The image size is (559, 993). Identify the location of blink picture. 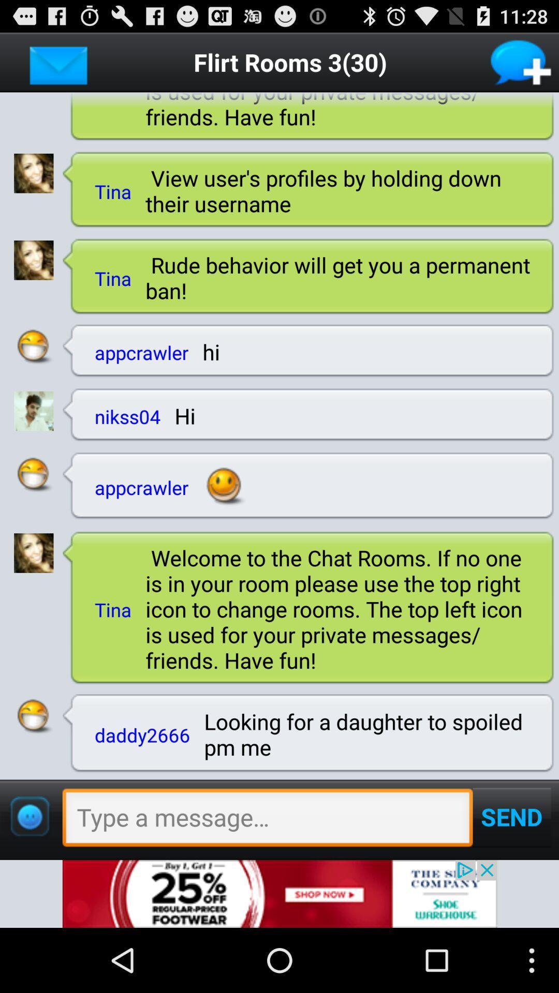
(33, 260).